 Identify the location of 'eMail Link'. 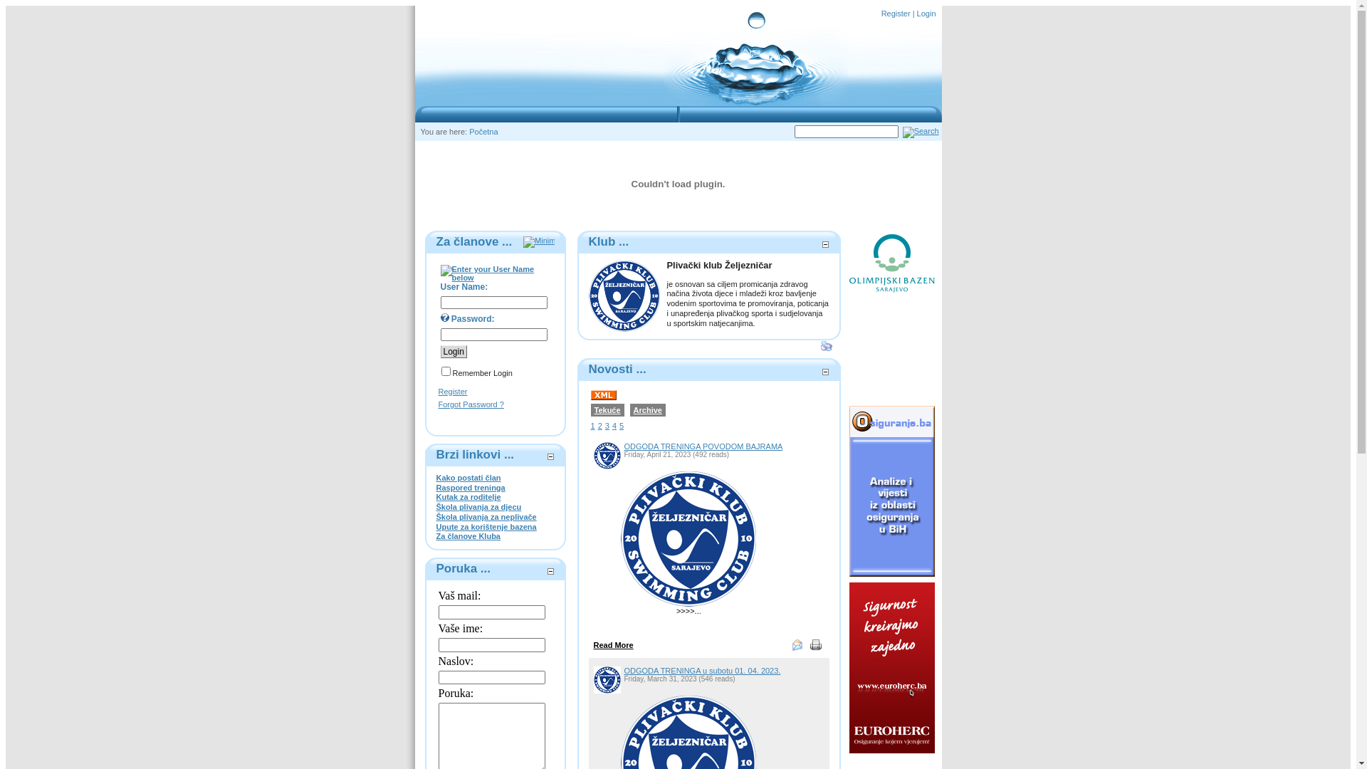
(796, 645).